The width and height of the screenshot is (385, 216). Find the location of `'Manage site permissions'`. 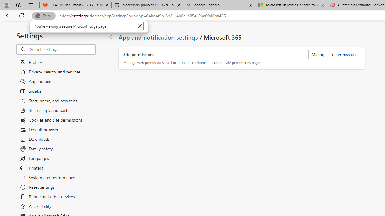

'Manage site permissions' is located at coordinates (334, 55).